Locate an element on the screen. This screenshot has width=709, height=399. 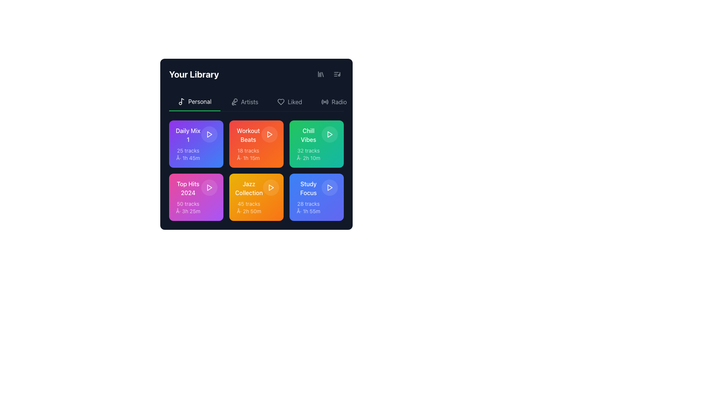
the 'Liked' text label, which serves as a category filter for accessing favorited items in the navigation bar under 'Your Library' is located at coordinates (294, 102).